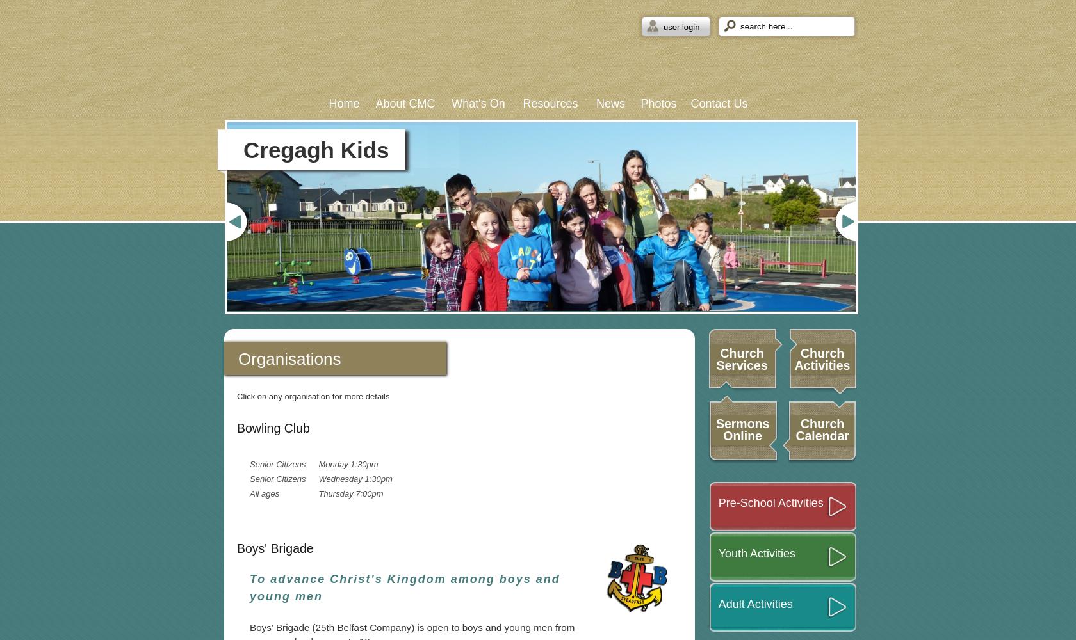  Describe the element at coordinates (681, 27) in the screenshot. I see `'user login'` at that location.